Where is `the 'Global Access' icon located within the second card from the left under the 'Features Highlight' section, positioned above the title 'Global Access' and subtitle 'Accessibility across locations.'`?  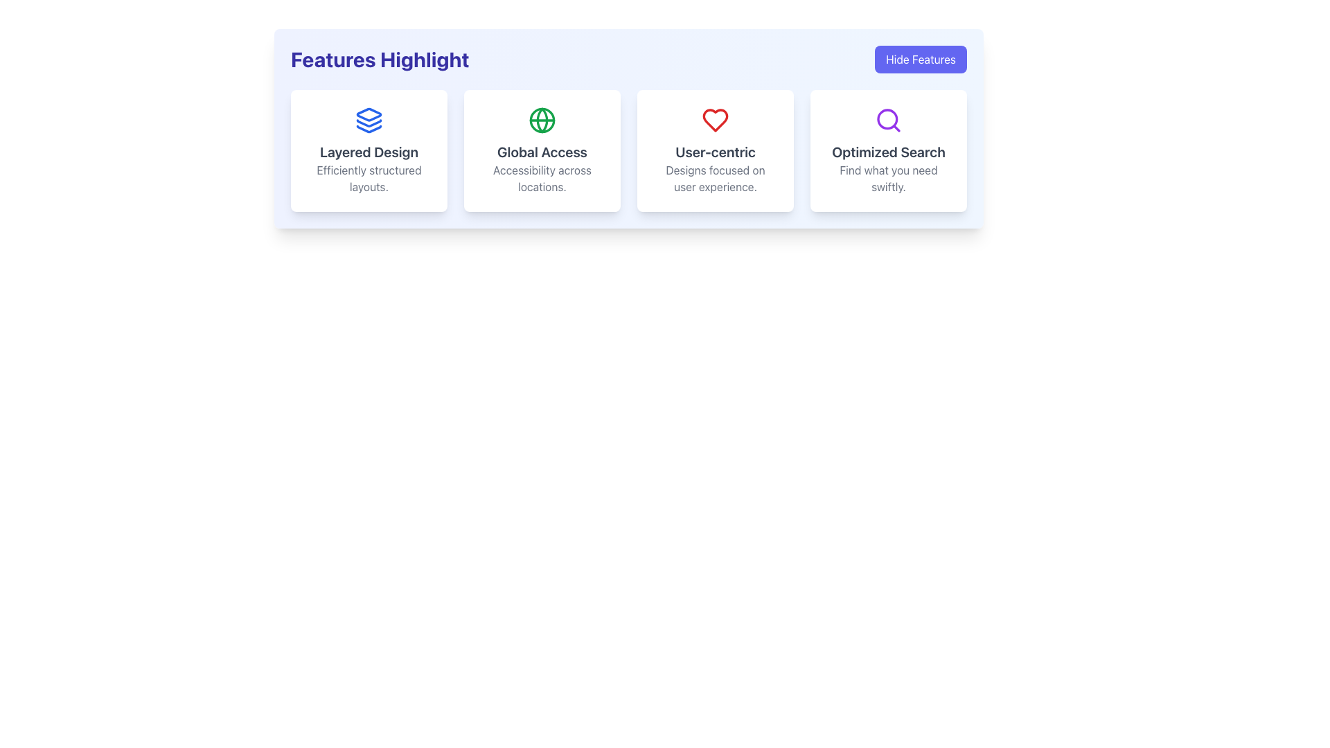
the 'Global Access' icon located within the second card from the left under the 'Features Highlight' section, positioned above the title 'Global Access' and subtitle 'Accessibility across locations.' is located at coordinates (541, 119).